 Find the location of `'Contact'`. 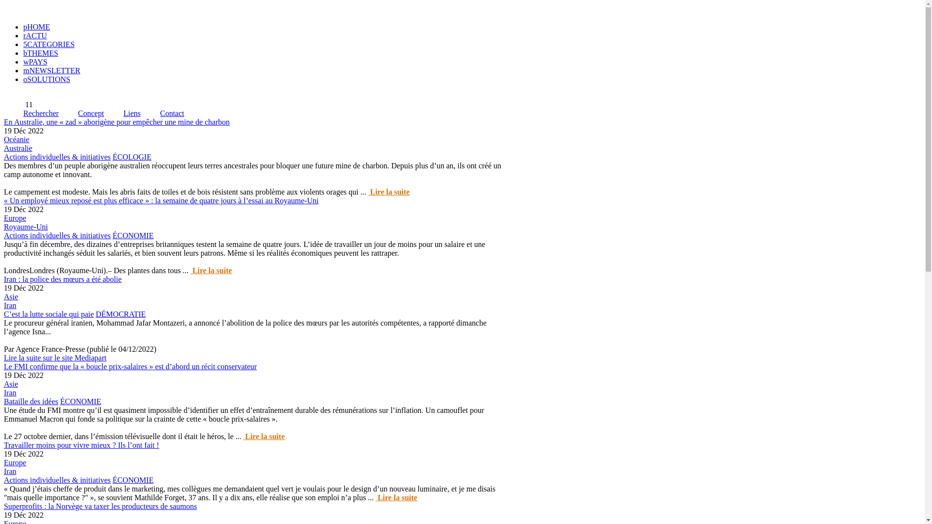

'Contact' is located at coordinates (140, 113).